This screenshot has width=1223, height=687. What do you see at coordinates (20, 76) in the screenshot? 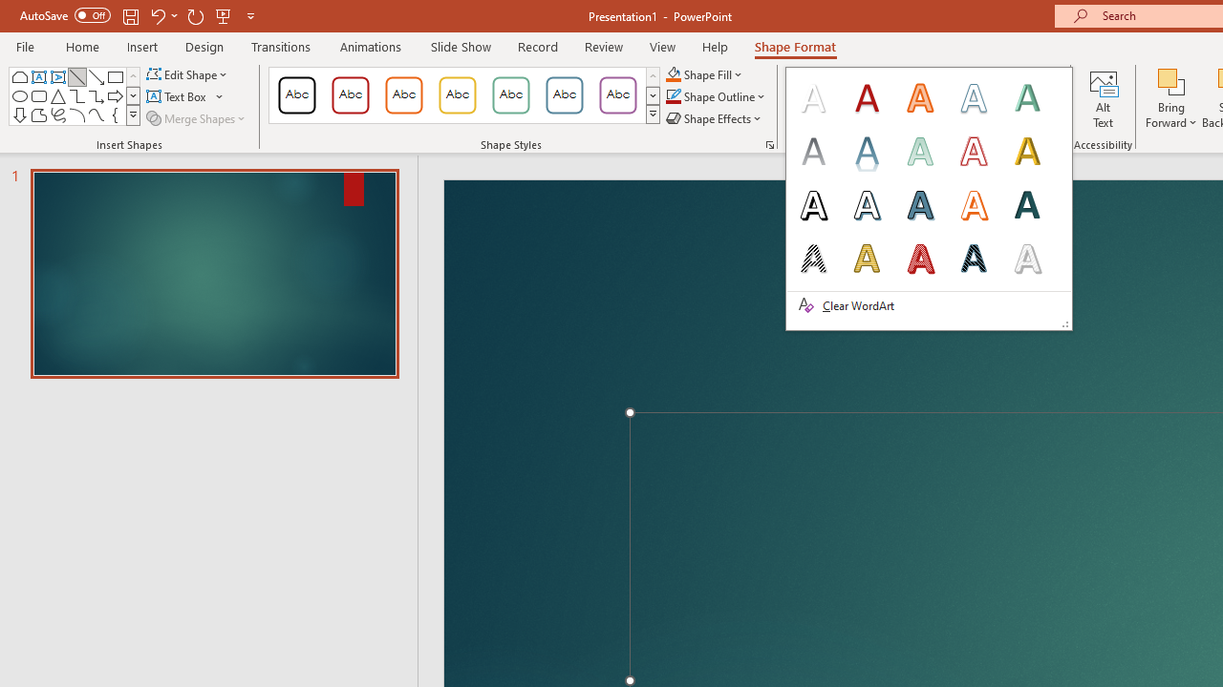
I see `'Rectangle: Top Corners Snipped'` at bounding box center [20, 76].